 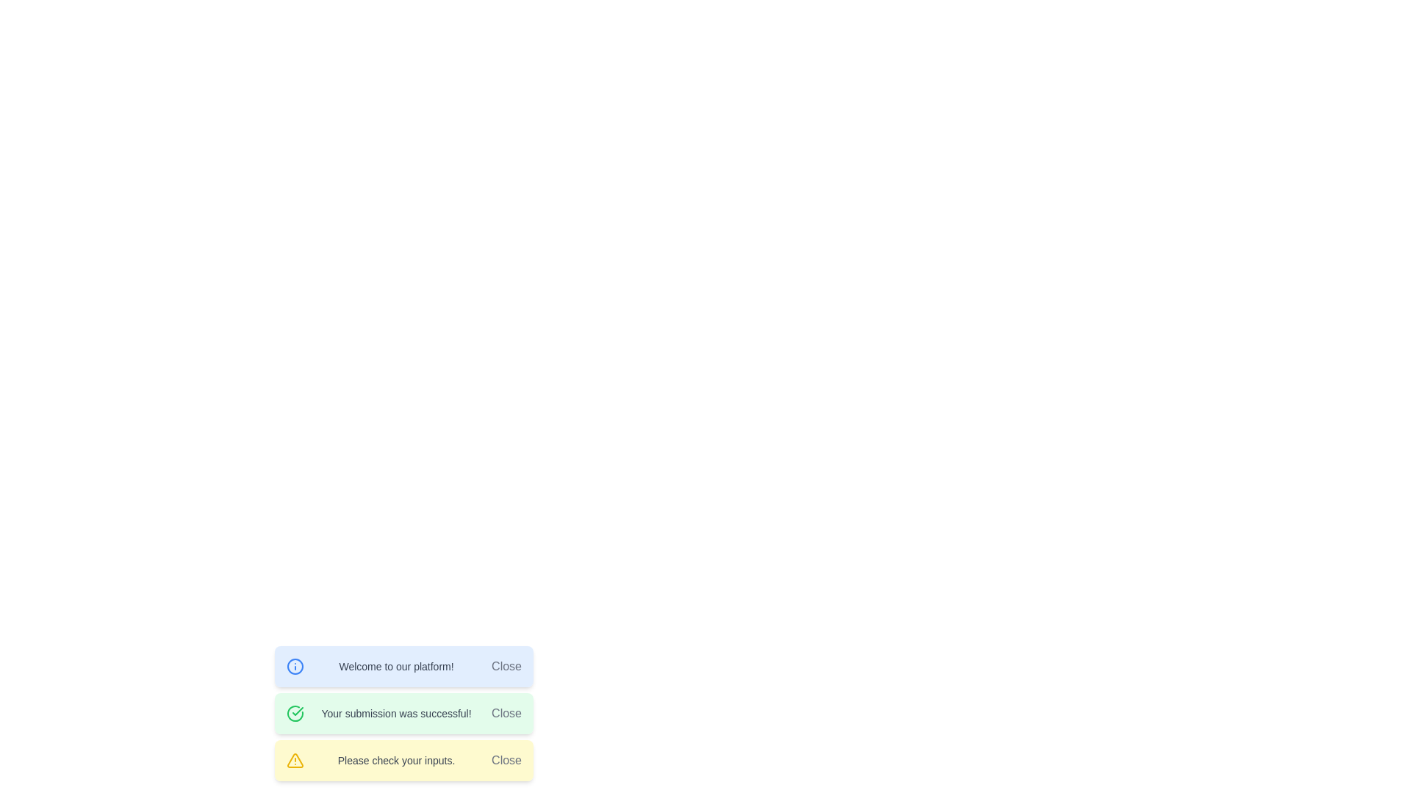 I want to click on the feedback text indicating successful submission within the green notification panel, so click(x=396, y=713).